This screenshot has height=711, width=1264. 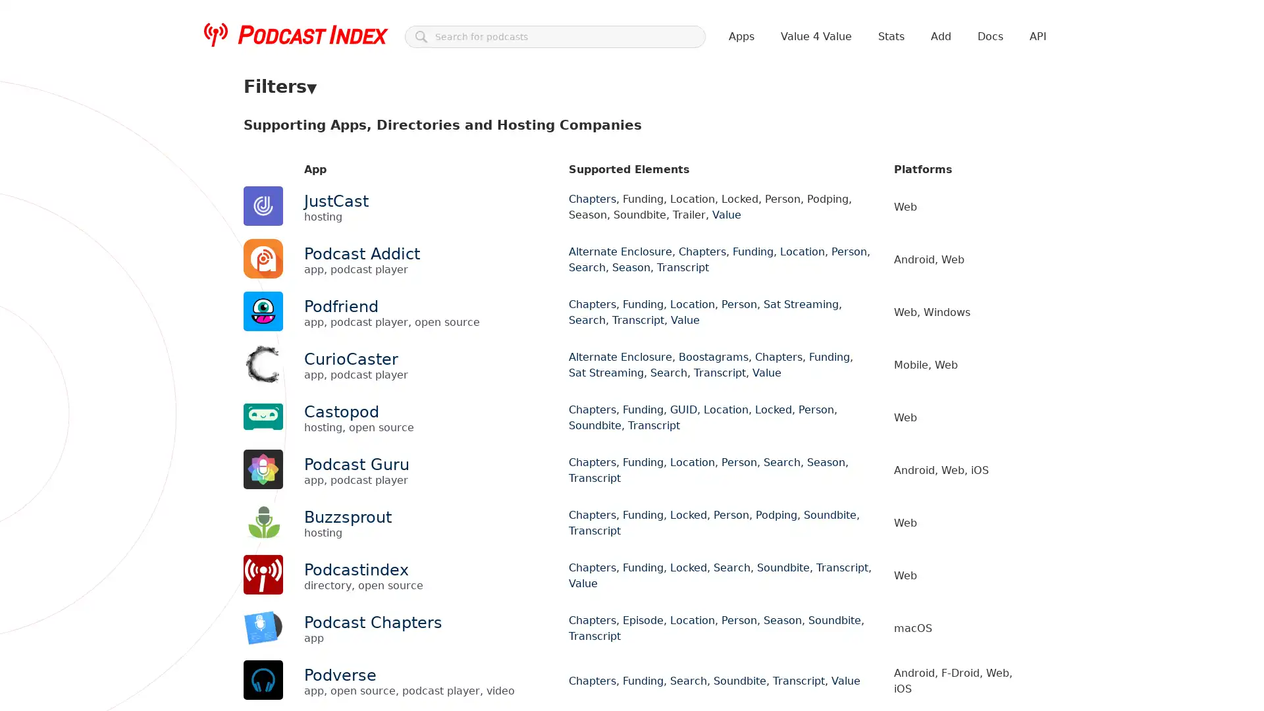 I want to click on Locked, so click(x=716, y=199).